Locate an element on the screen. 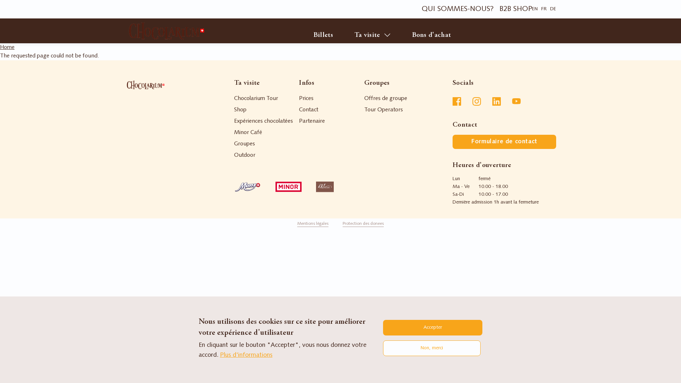 The image size is (681, 383). 'Shop' is located at coordinates (240, 110).